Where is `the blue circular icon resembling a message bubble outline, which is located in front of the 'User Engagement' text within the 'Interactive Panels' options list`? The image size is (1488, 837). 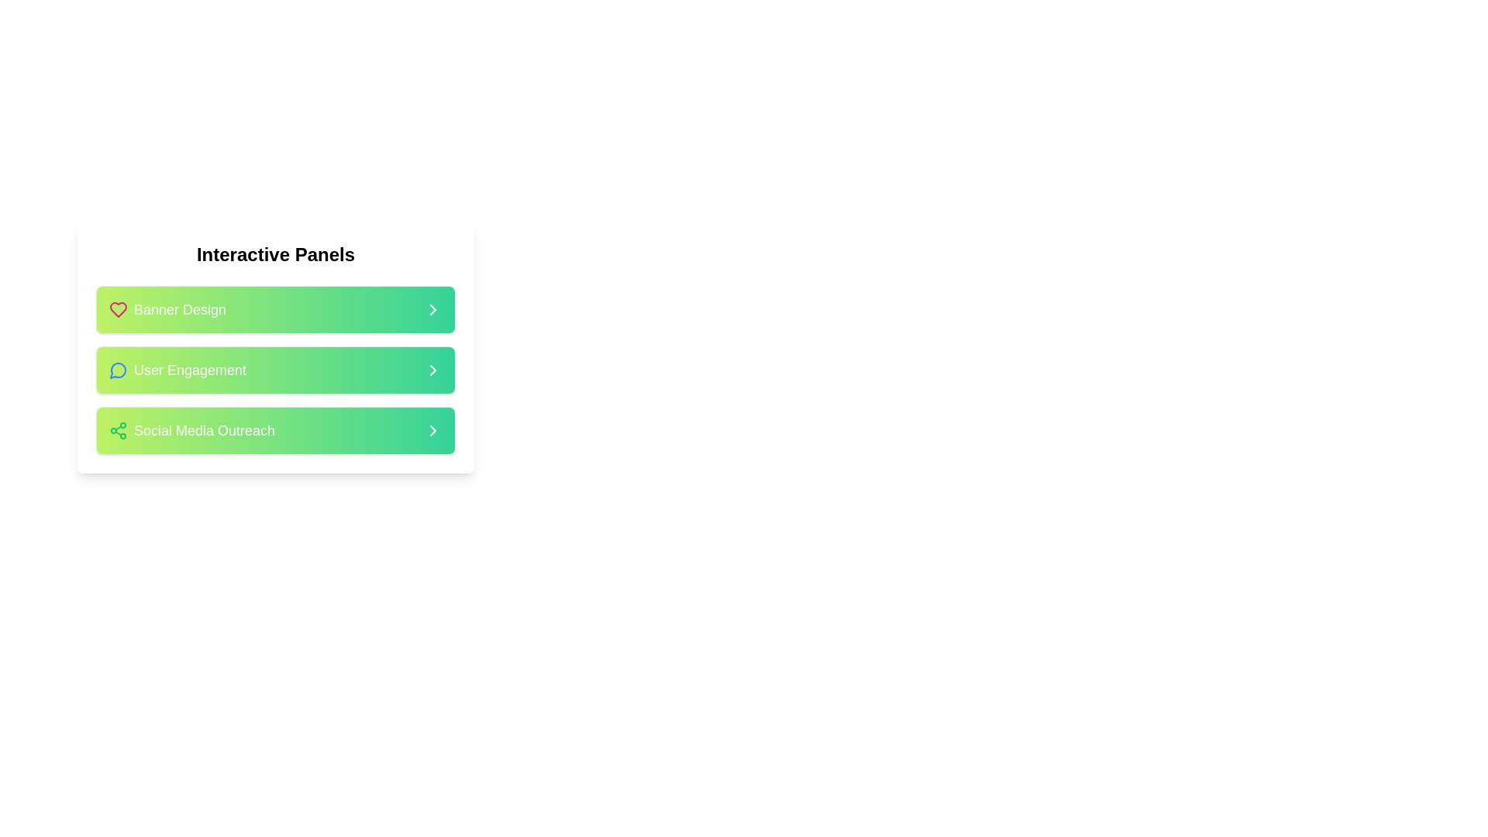
the blue circular icon resembling a message bubble outline, which is located in front of the 'User Engagement' text within the 'Interactive Panels' options list is located at coordinates (118, 370).